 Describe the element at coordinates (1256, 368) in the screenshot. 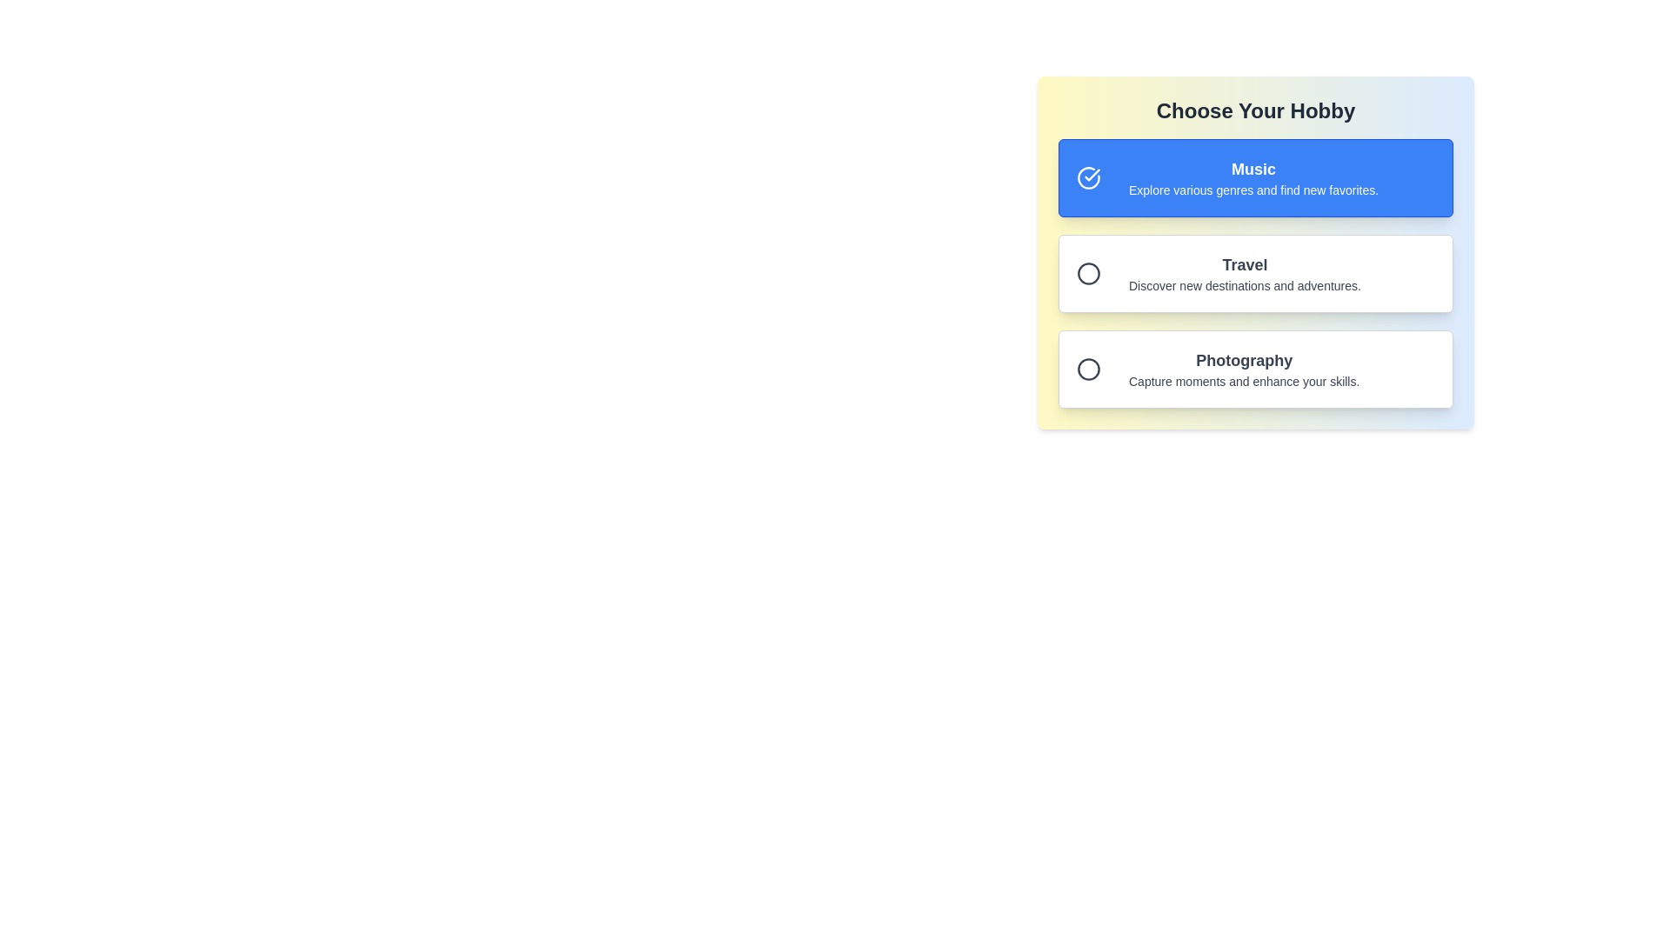

I see `the 'Photography' selectable card option in the selection interface to choose this hobby` at that location.